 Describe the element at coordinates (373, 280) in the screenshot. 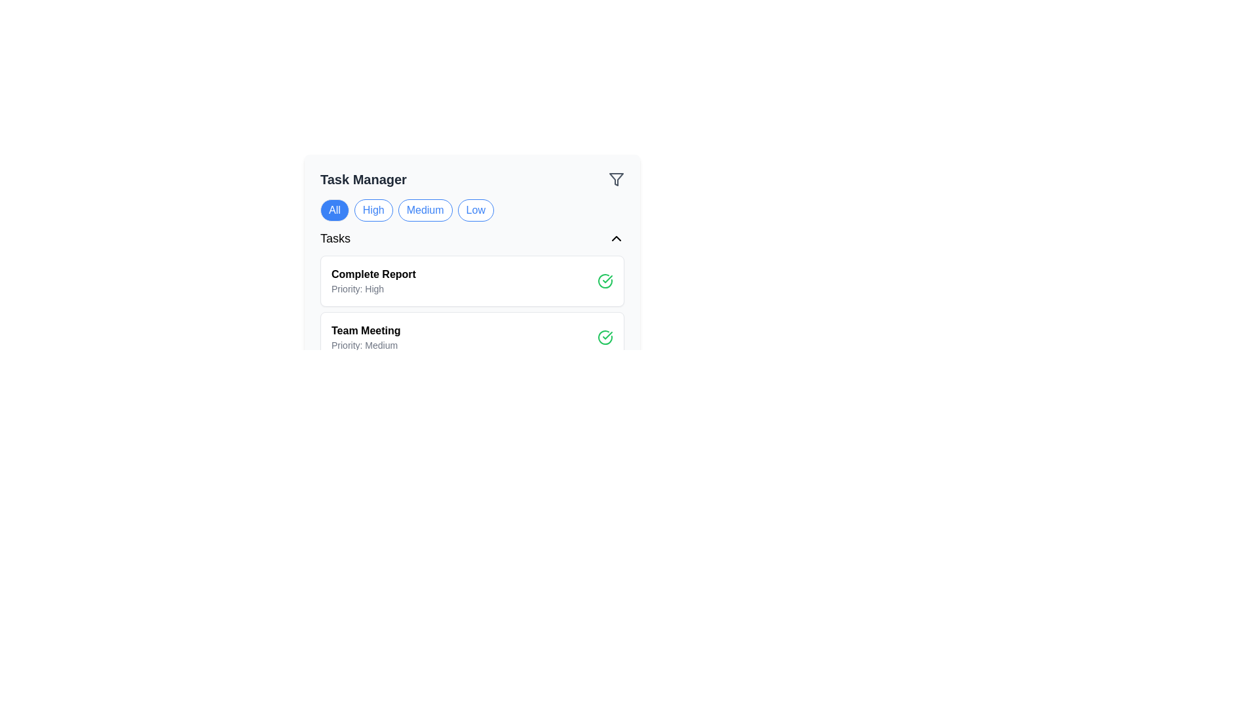

I see `text 'Complete Report' and 'Priority: High' from the Text Display element located in the task card of the task management interface` at that location.